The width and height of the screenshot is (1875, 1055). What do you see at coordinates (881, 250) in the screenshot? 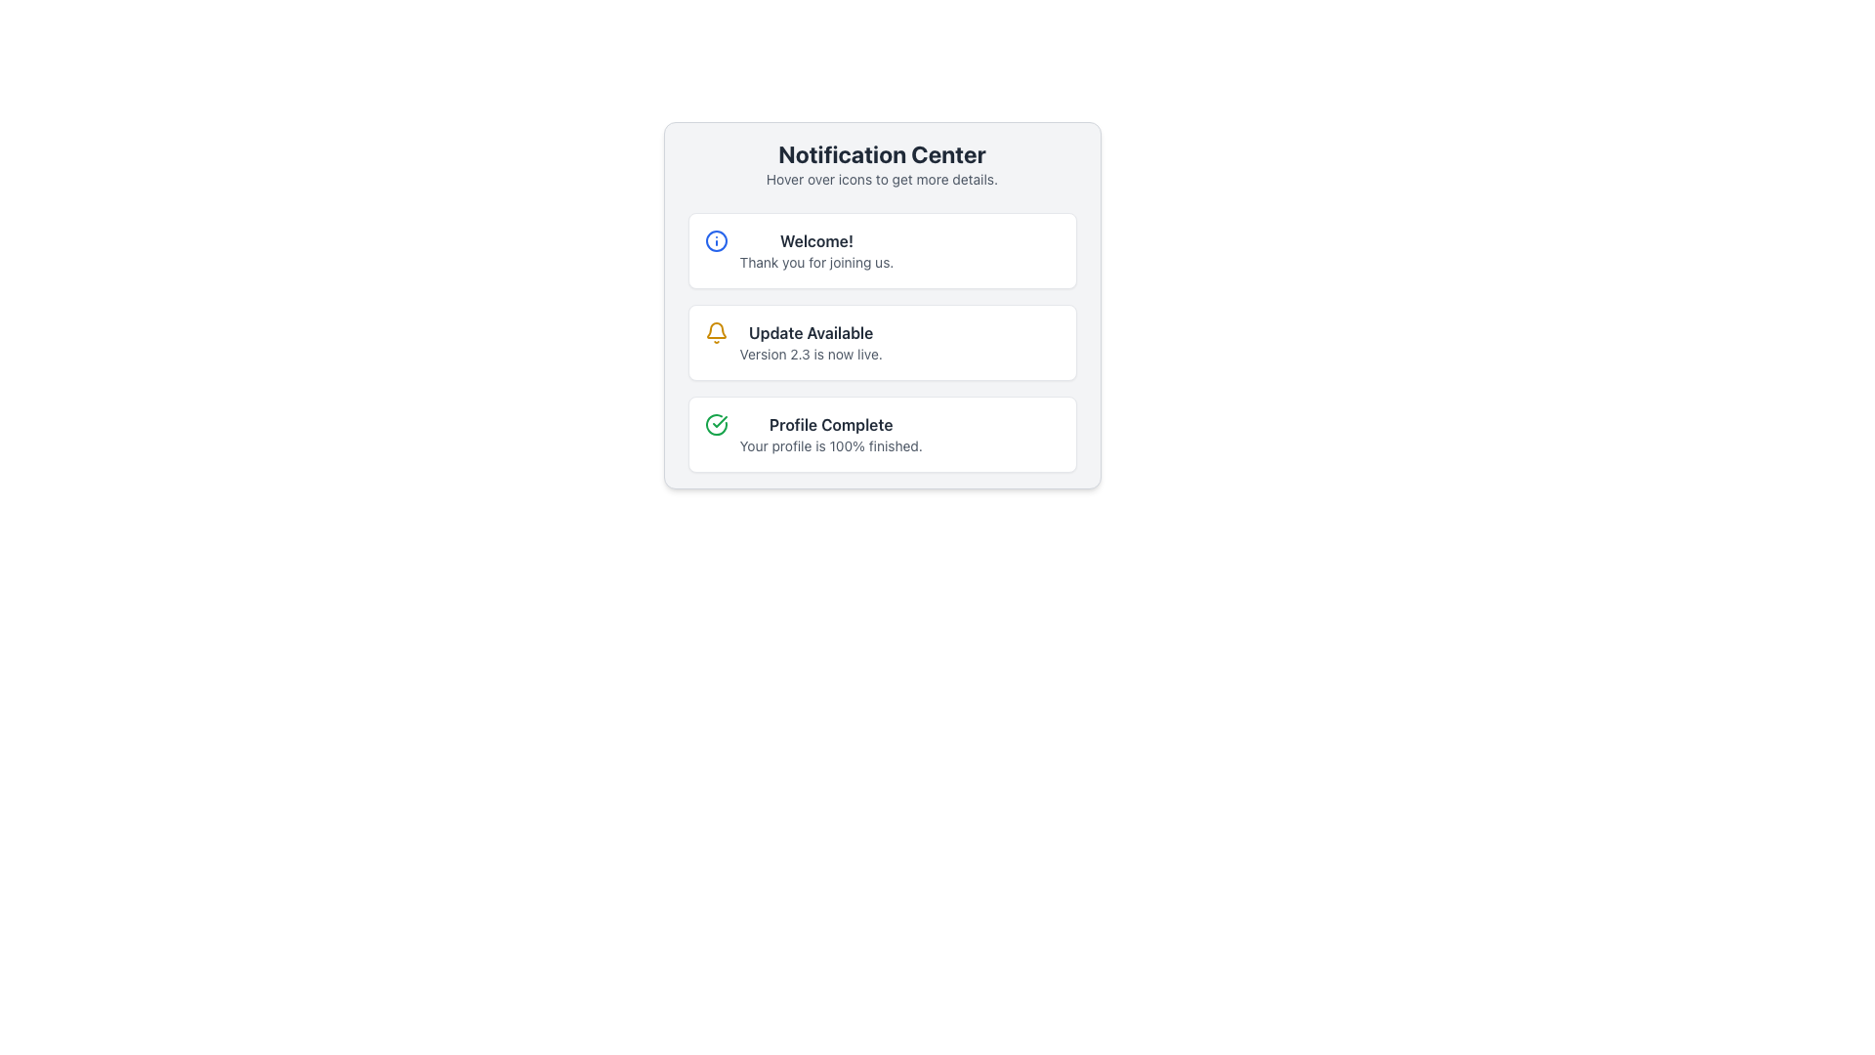
I see `the topmost Notification Card in the Notification Center, which contains a bold title 'Welcome!' and a smaller text 'Thank you for joining us.'` at bounding box center [881, 250].